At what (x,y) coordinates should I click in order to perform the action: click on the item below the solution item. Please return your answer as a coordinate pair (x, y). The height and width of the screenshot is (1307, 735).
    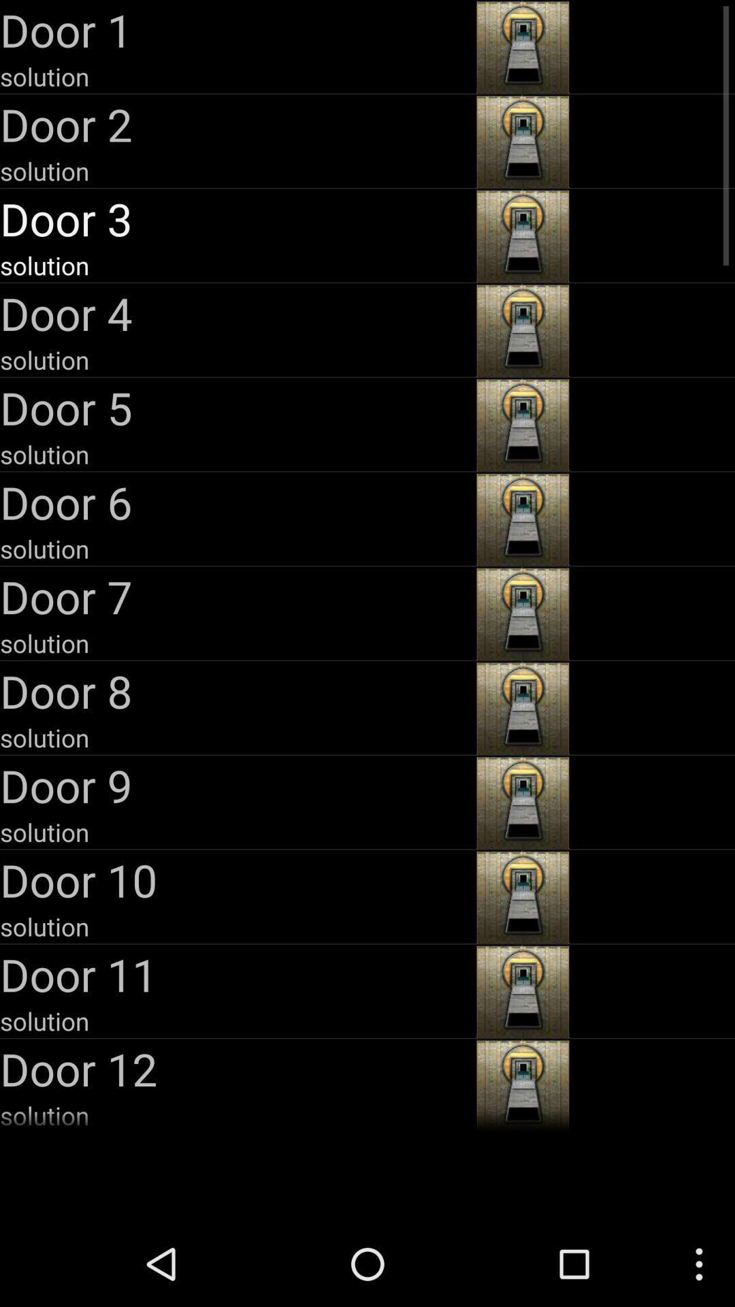
    Looking at the image, I should click on (235, 312).